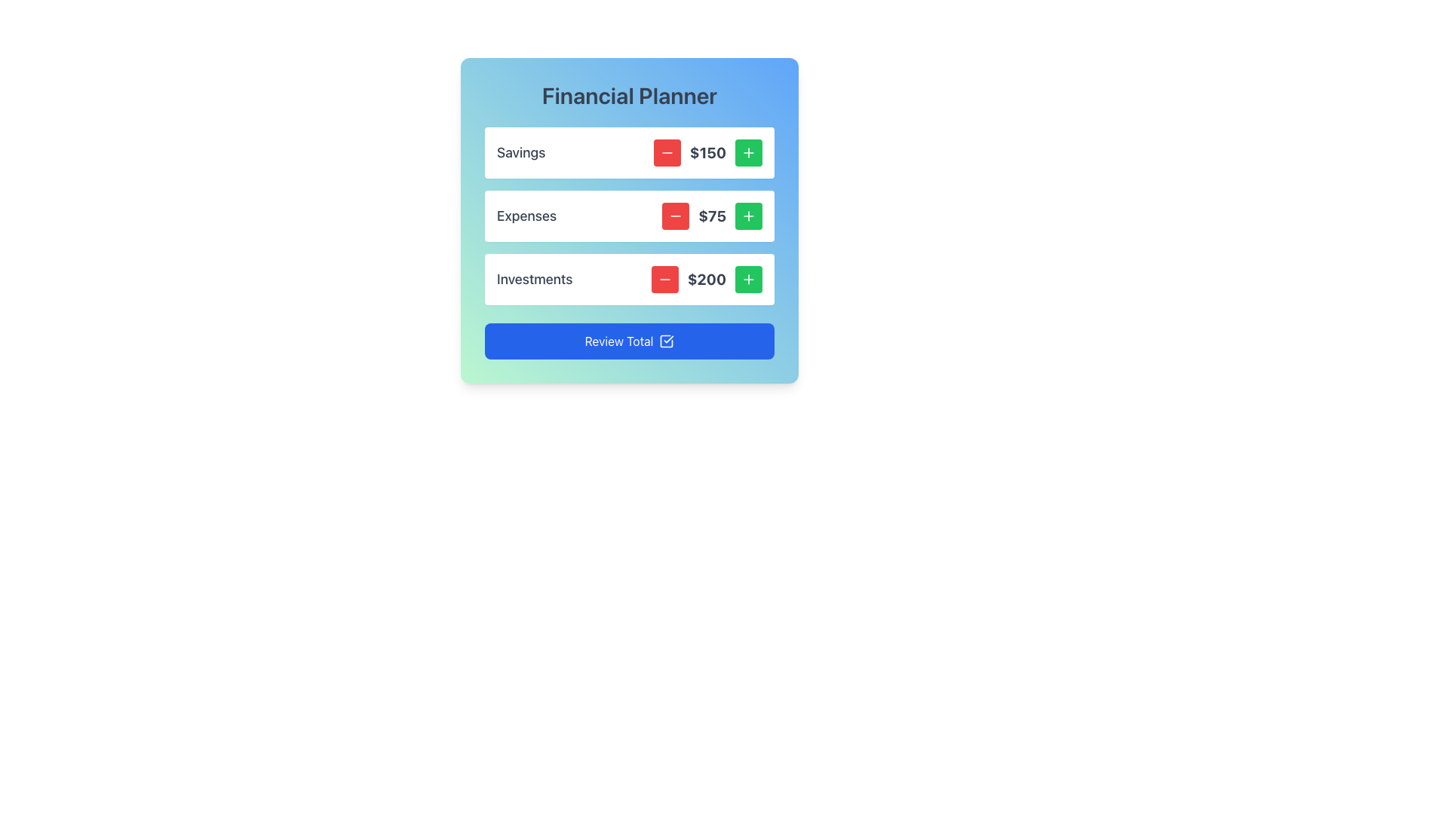 The height and width of the screenshot is (814, 1448). I want to click on the small horizontal minus sign button within the red square, adjacent to the '$150' amount under the 'Savings' label, so click(666, 153).